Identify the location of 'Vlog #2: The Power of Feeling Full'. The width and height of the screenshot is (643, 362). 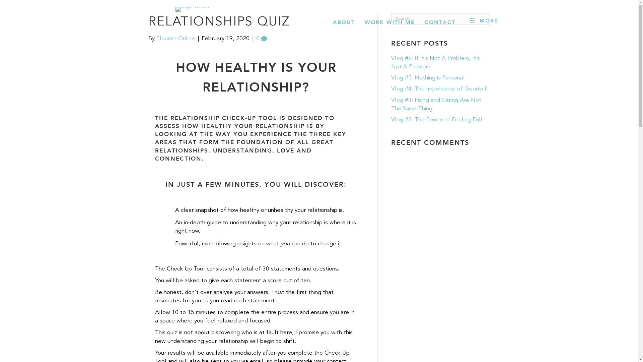
(437, 119).